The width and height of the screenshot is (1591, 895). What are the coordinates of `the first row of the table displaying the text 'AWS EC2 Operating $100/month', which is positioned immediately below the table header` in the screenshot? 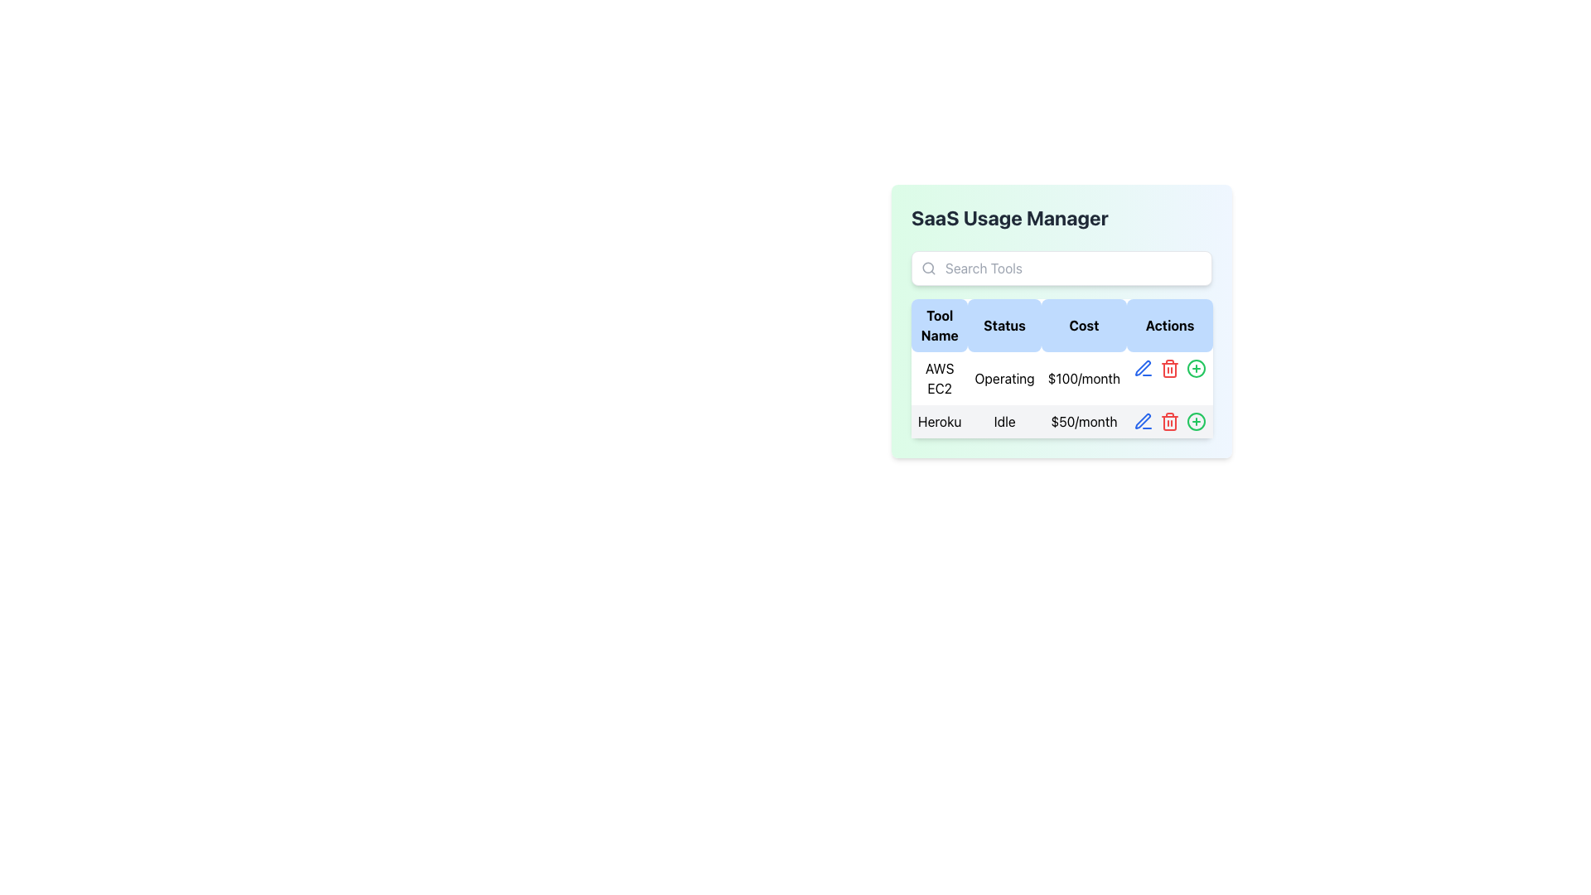 It's located at (1061, 378).